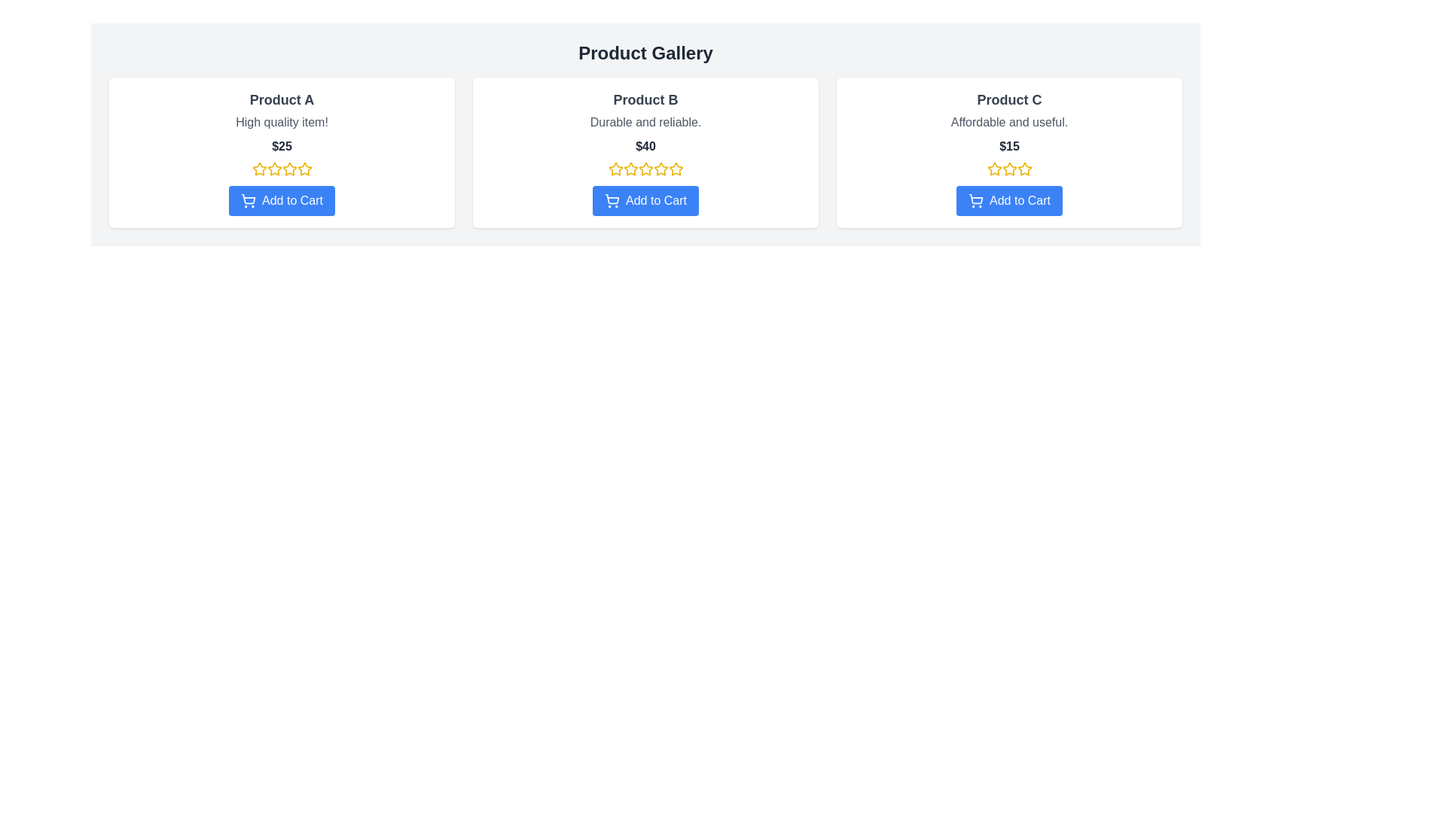 The image size is (1446, 813). What do you see at coordinates (1009, 199) in the screenshot?
I see `the 'Add to Cart' button with a bright blue background, white text, and a shopping cart icon to potentially change its background color` at bounding box center [1009, 199].